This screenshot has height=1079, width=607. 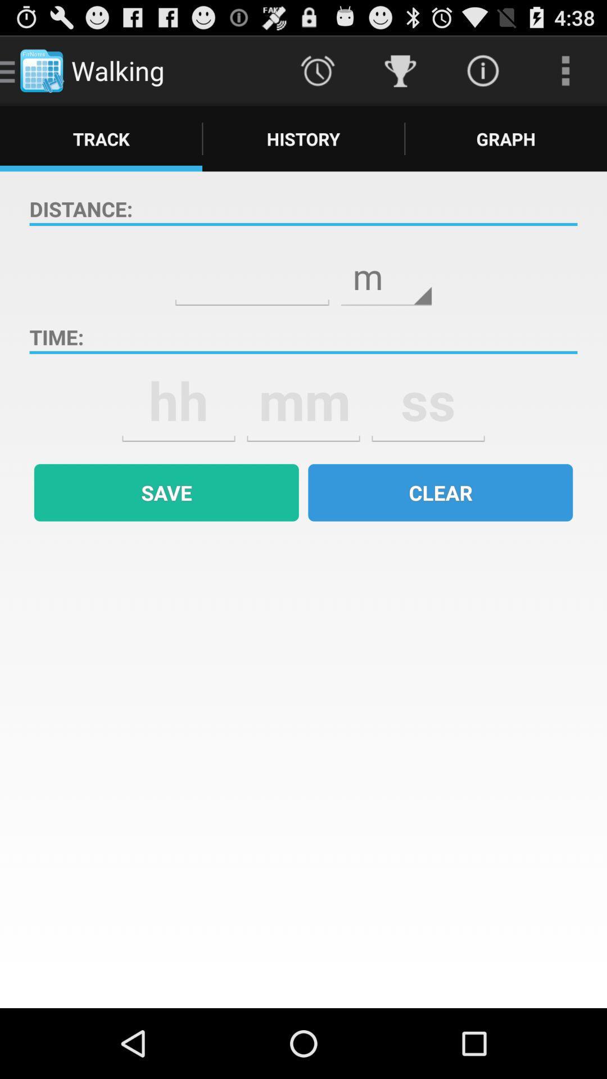 What do you see at coordinates (251, 268) in the screenshot?
I see `the number for distance` at bounding box center [251, 268].